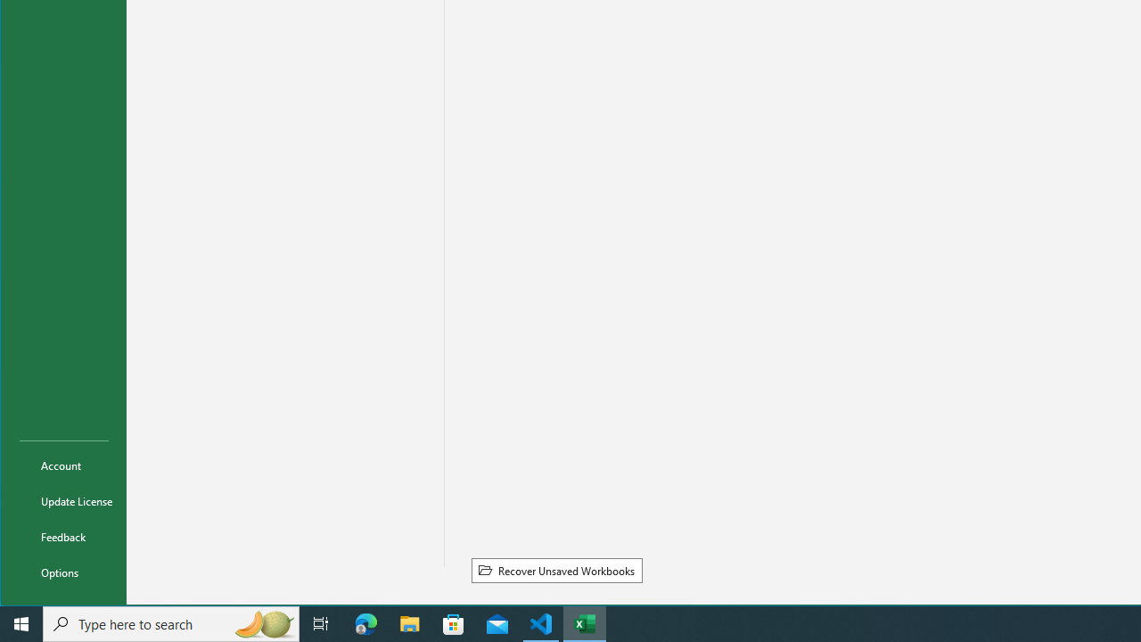 This screenshot has height=642, width=1141. I want to click on 'Visual Studio Code - 1 running window', so click(540, 622).